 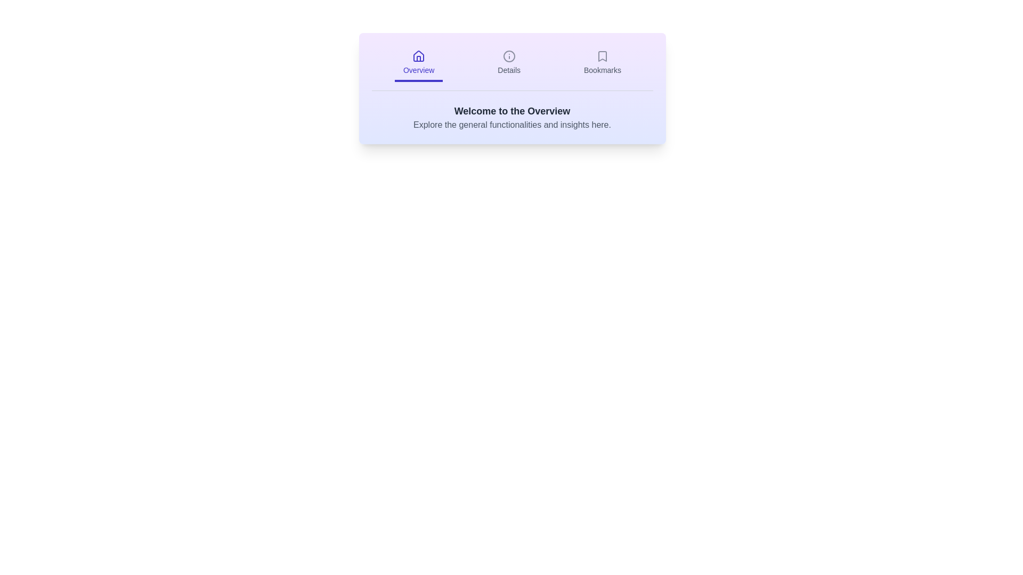 I want to click on the textual informational component located under the navigation tabs labeled 'Overview', 'Details', and 'Bookmarks' in the lower portion of the card-like component, so click(x=512, y=117).